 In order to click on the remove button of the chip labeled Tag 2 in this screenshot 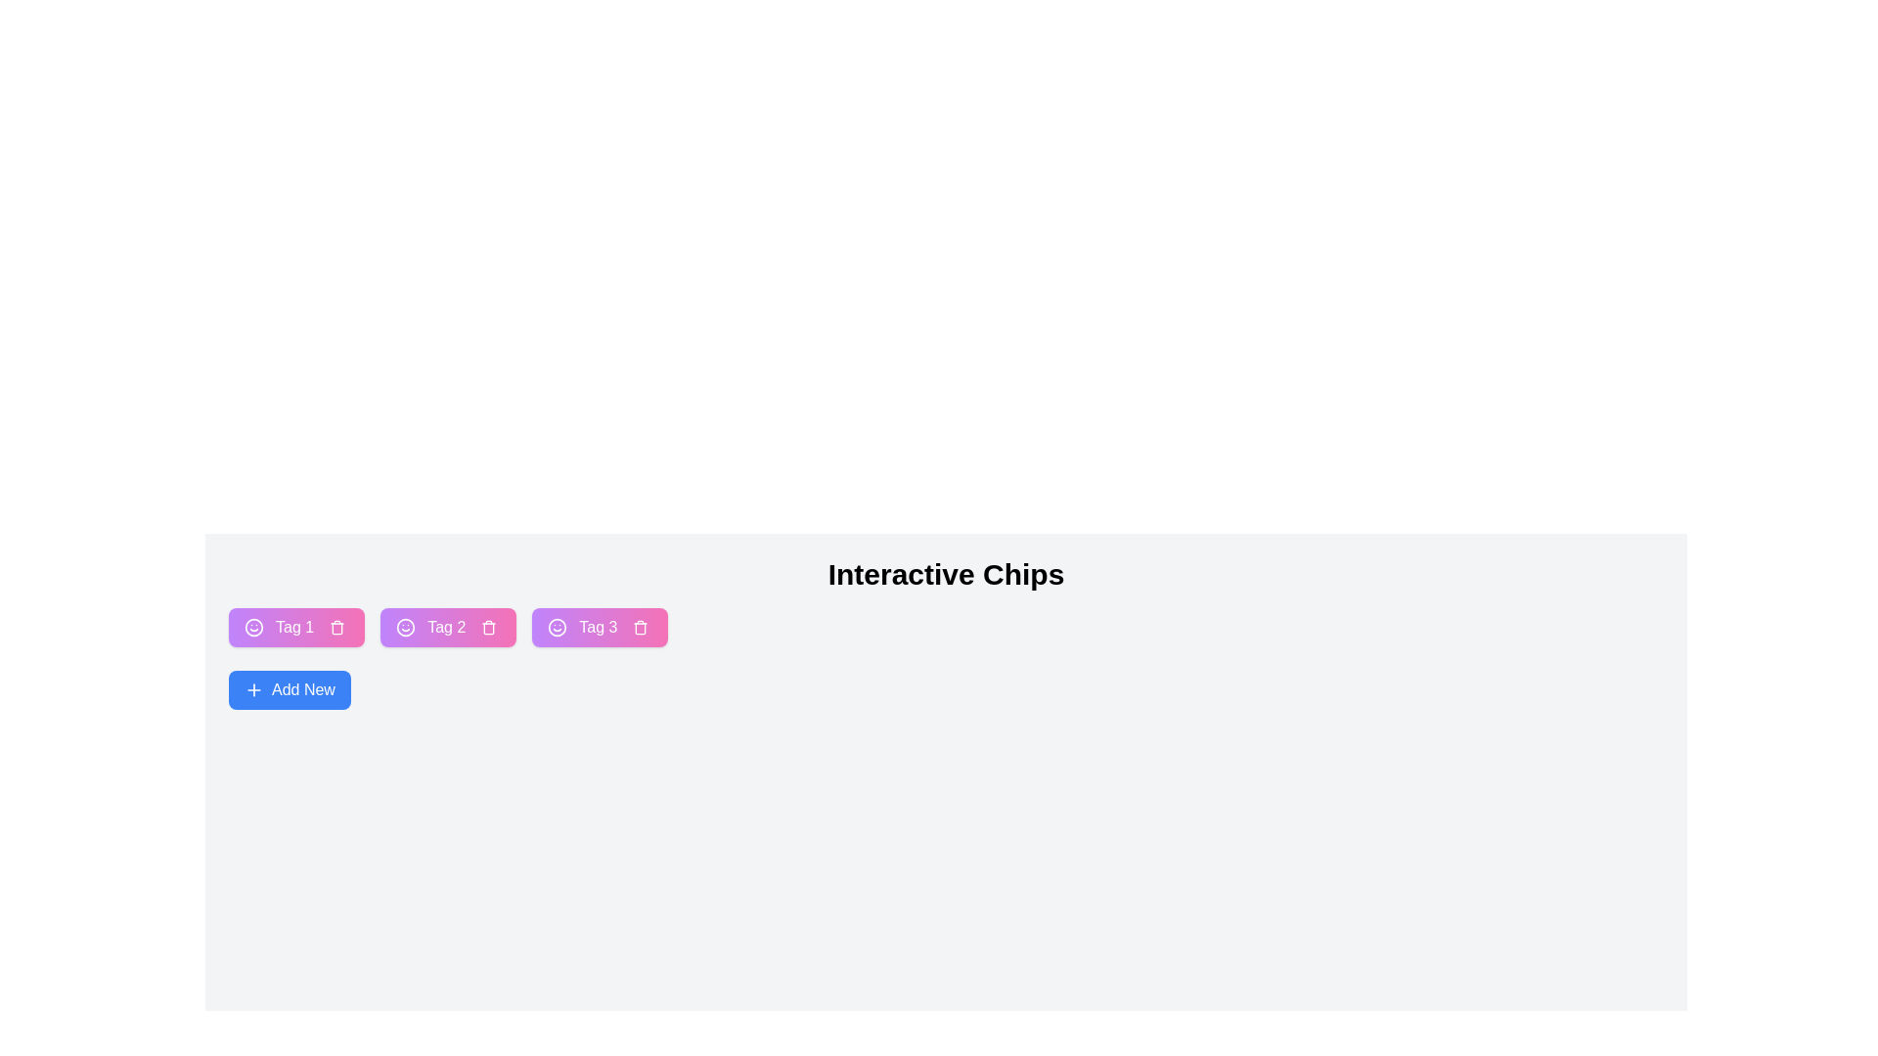, I will do `click(489, 627)`.